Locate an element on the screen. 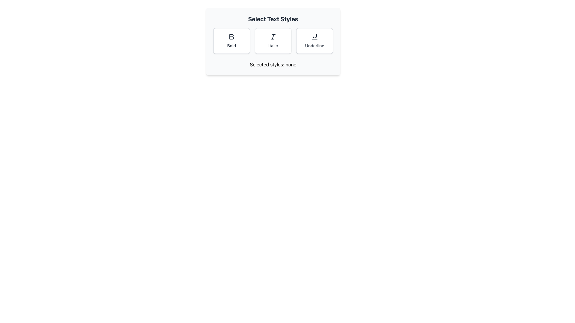 The width and height of the screenshot is (575, 323). the bold toggle button located in the 'Select Text Styles' section, which is the first button aligned horizontally to the left of the 'Italic' and 'Underline' buttons is located at coordinates (231, 41).